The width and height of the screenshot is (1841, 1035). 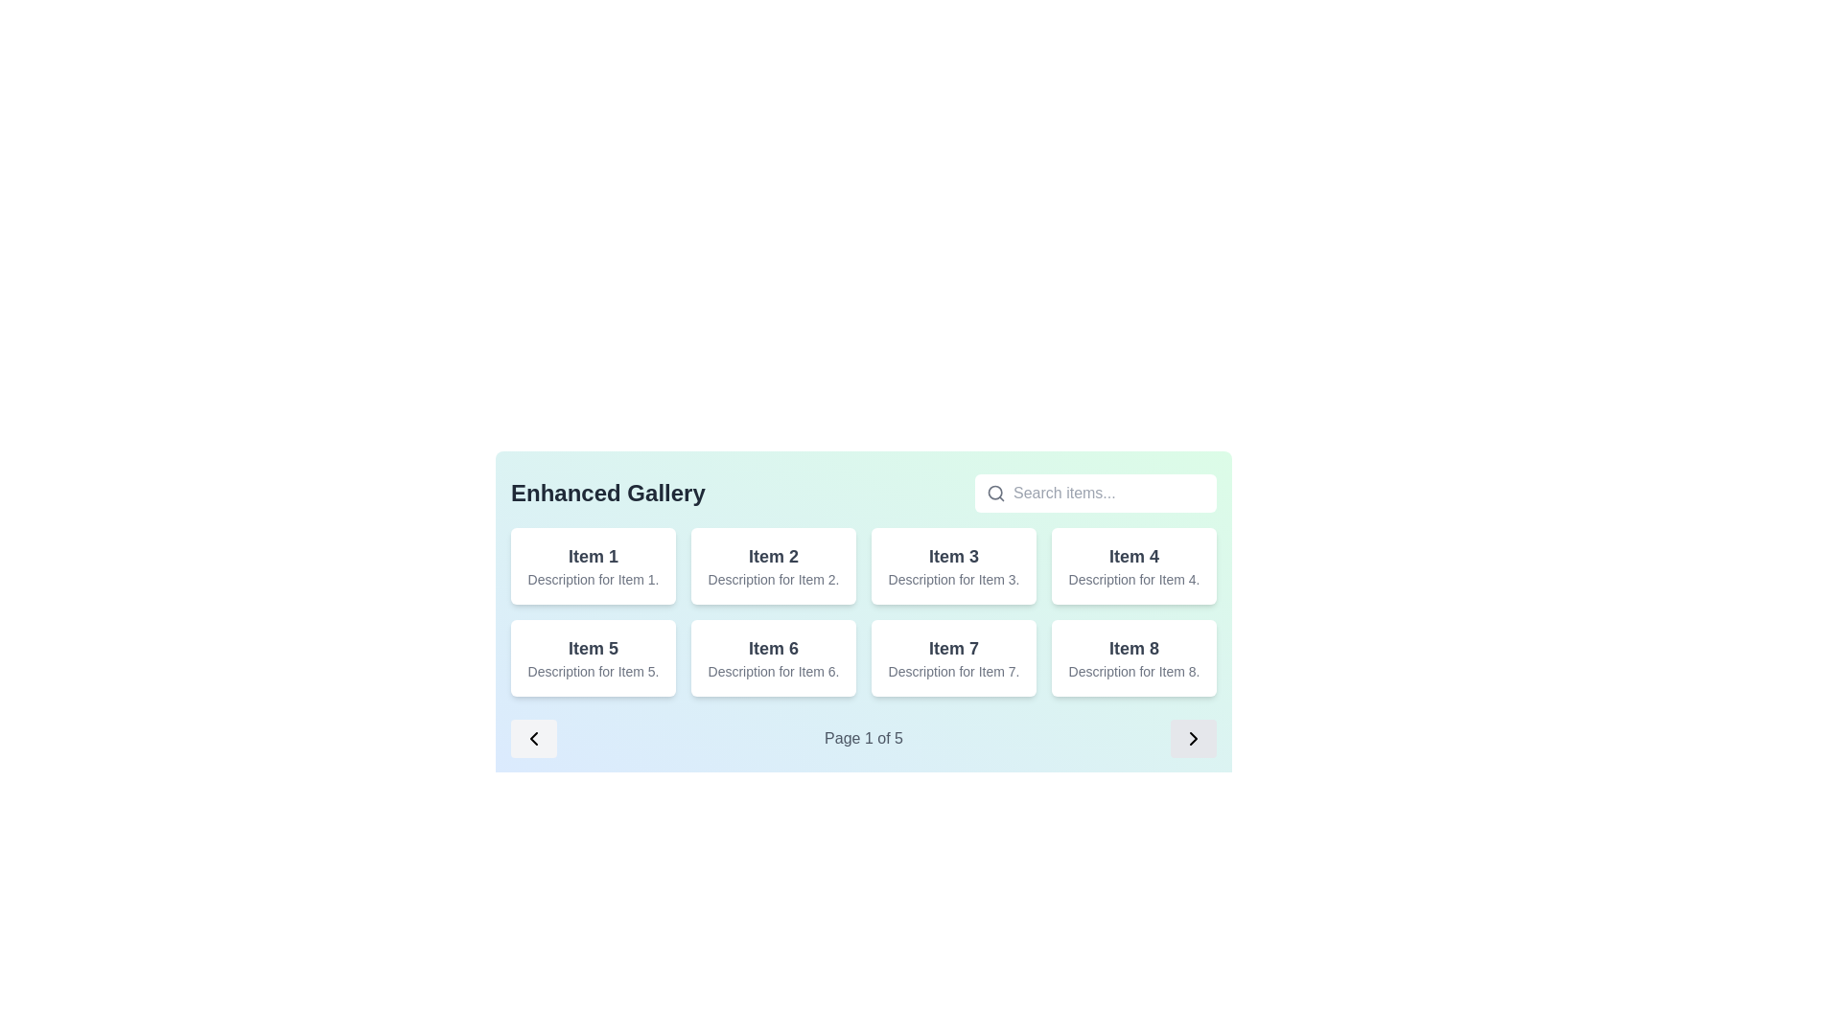 I want to click on the Information card displaying 'Item 3', located in the top row, third column of a 4-column grid layout, so click(x=953, y=564).